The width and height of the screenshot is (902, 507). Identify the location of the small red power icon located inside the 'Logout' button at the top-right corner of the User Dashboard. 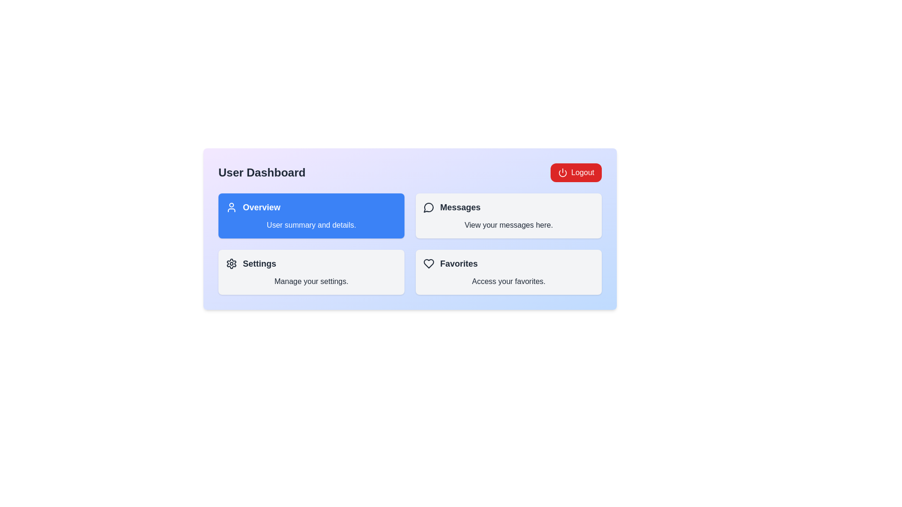
(563, 172).